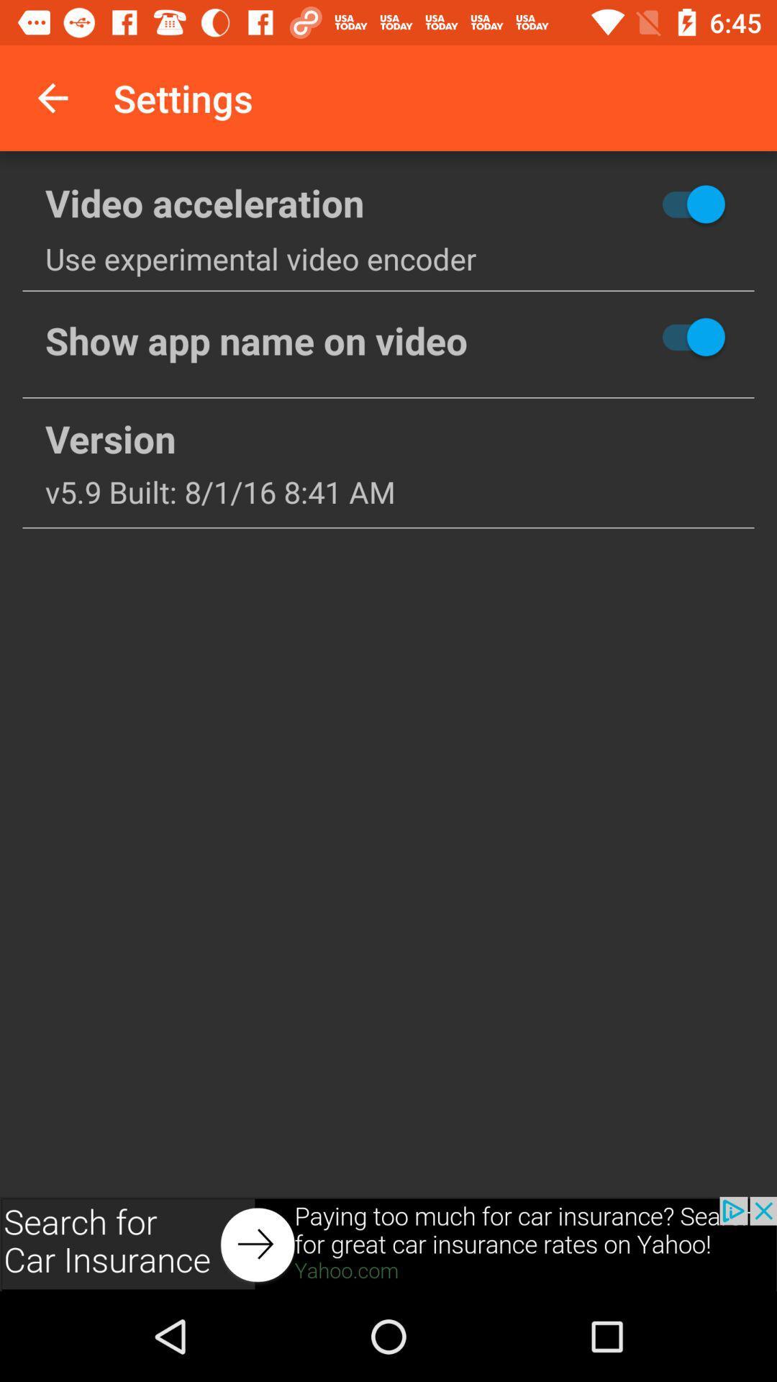 Image resolution: width=777 pixels, height=1382 pixels. What do you see at coordinates (640, 203) in the screenshot?
I see `on` at bounding box center [640, 203].